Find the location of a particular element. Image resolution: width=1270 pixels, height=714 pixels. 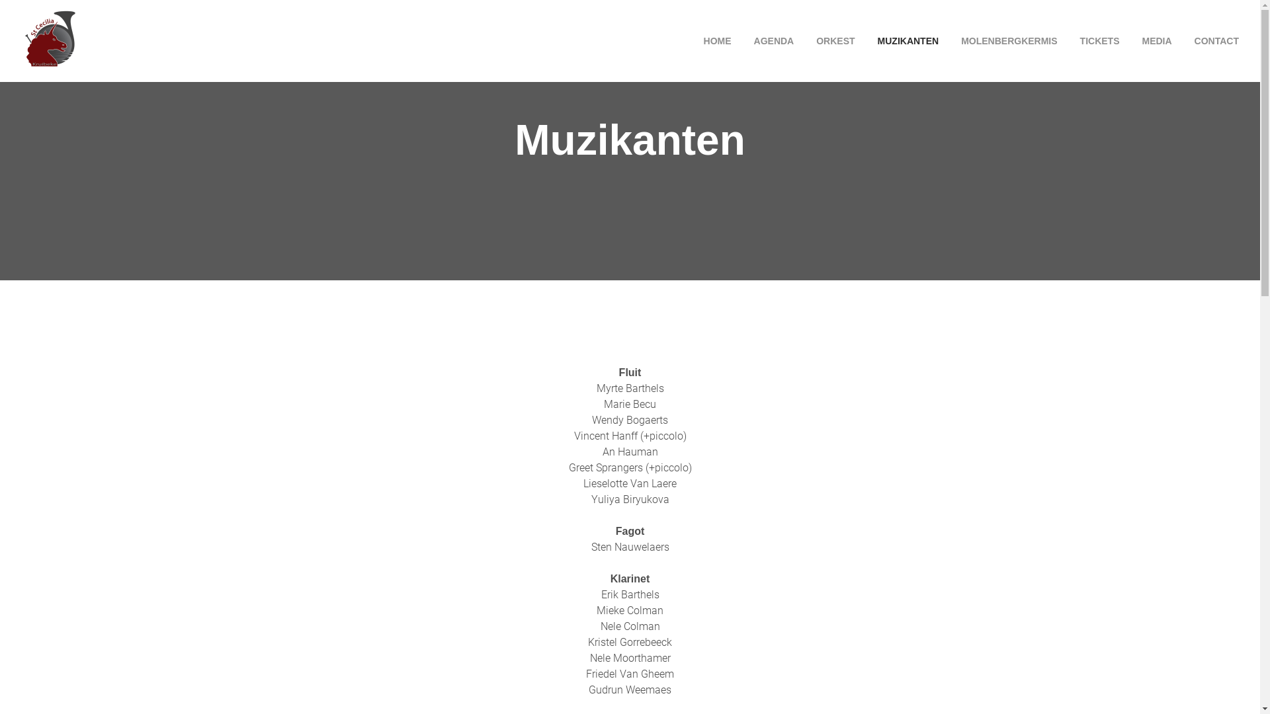

'CONTACT' is located at coordinates (1212, 40).